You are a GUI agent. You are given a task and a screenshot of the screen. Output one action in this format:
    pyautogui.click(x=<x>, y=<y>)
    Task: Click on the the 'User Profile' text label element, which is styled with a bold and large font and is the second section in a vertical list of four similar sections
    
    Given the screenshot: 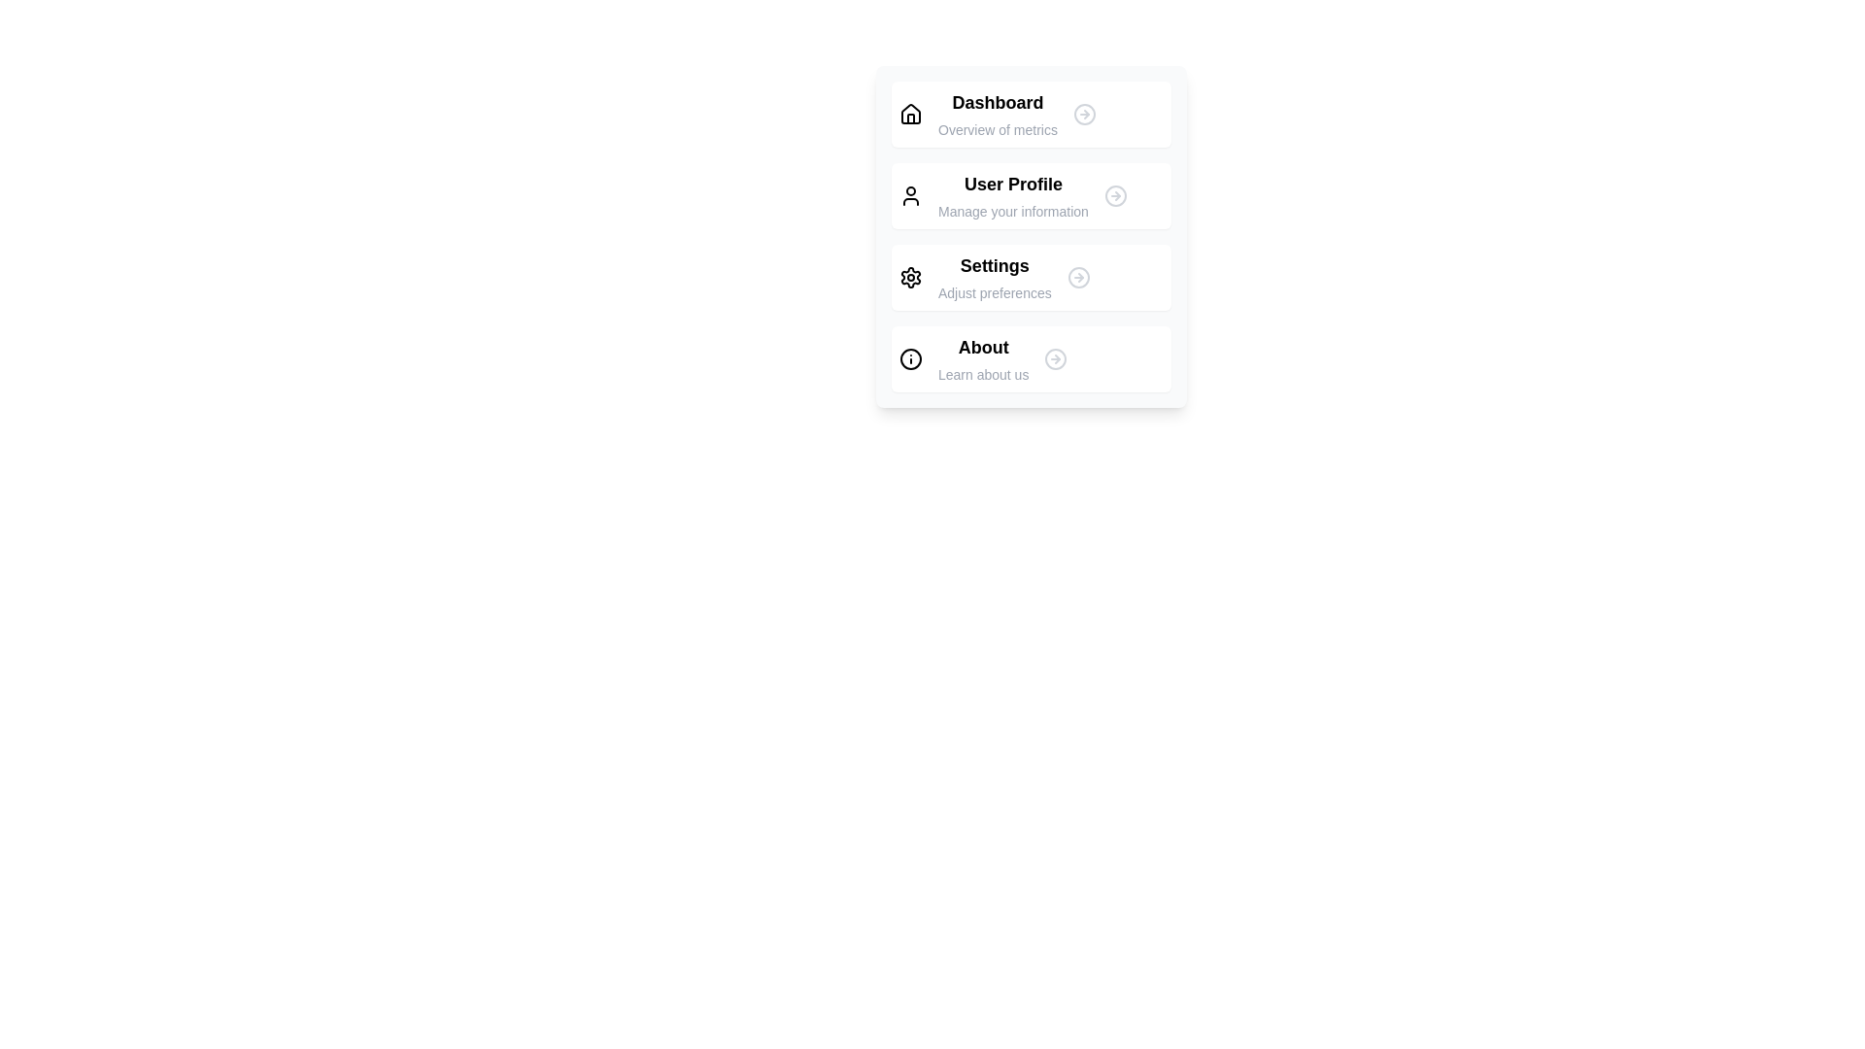 What is the action you would take?
    pyautogui.click(x=1012, y=184)
    